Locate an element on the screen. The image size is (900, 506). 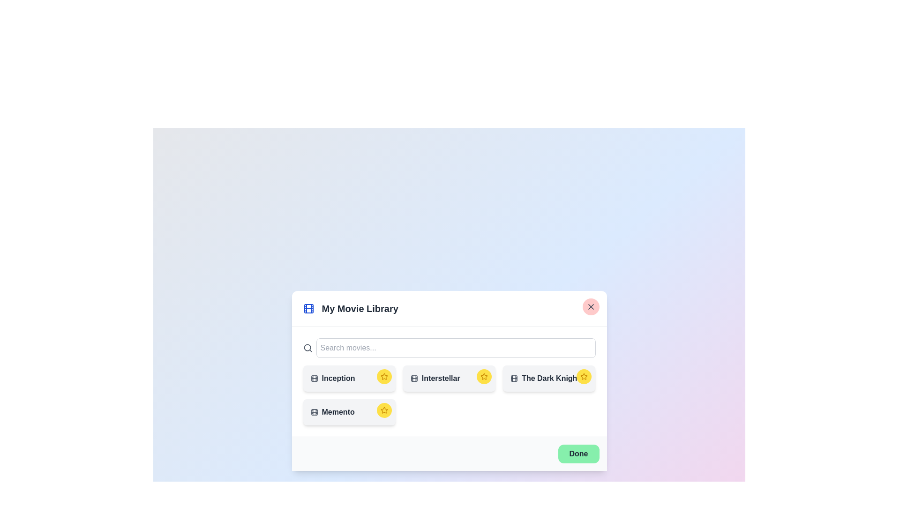
the 'Memento' card, which is a rectangular card with rounded corners, light gray background, and contains the label styled in bold dark gray text is located at coordinates (349, 411).